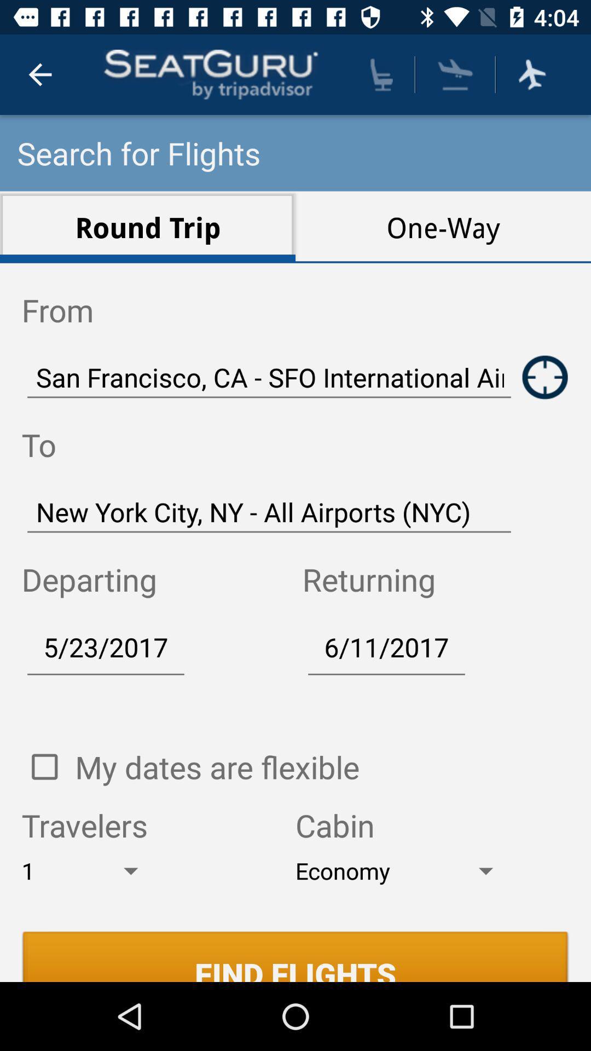 The width and height of the screenshot is (591, 1051). I want to click on the icon next to my dates are, so click(44, 766).